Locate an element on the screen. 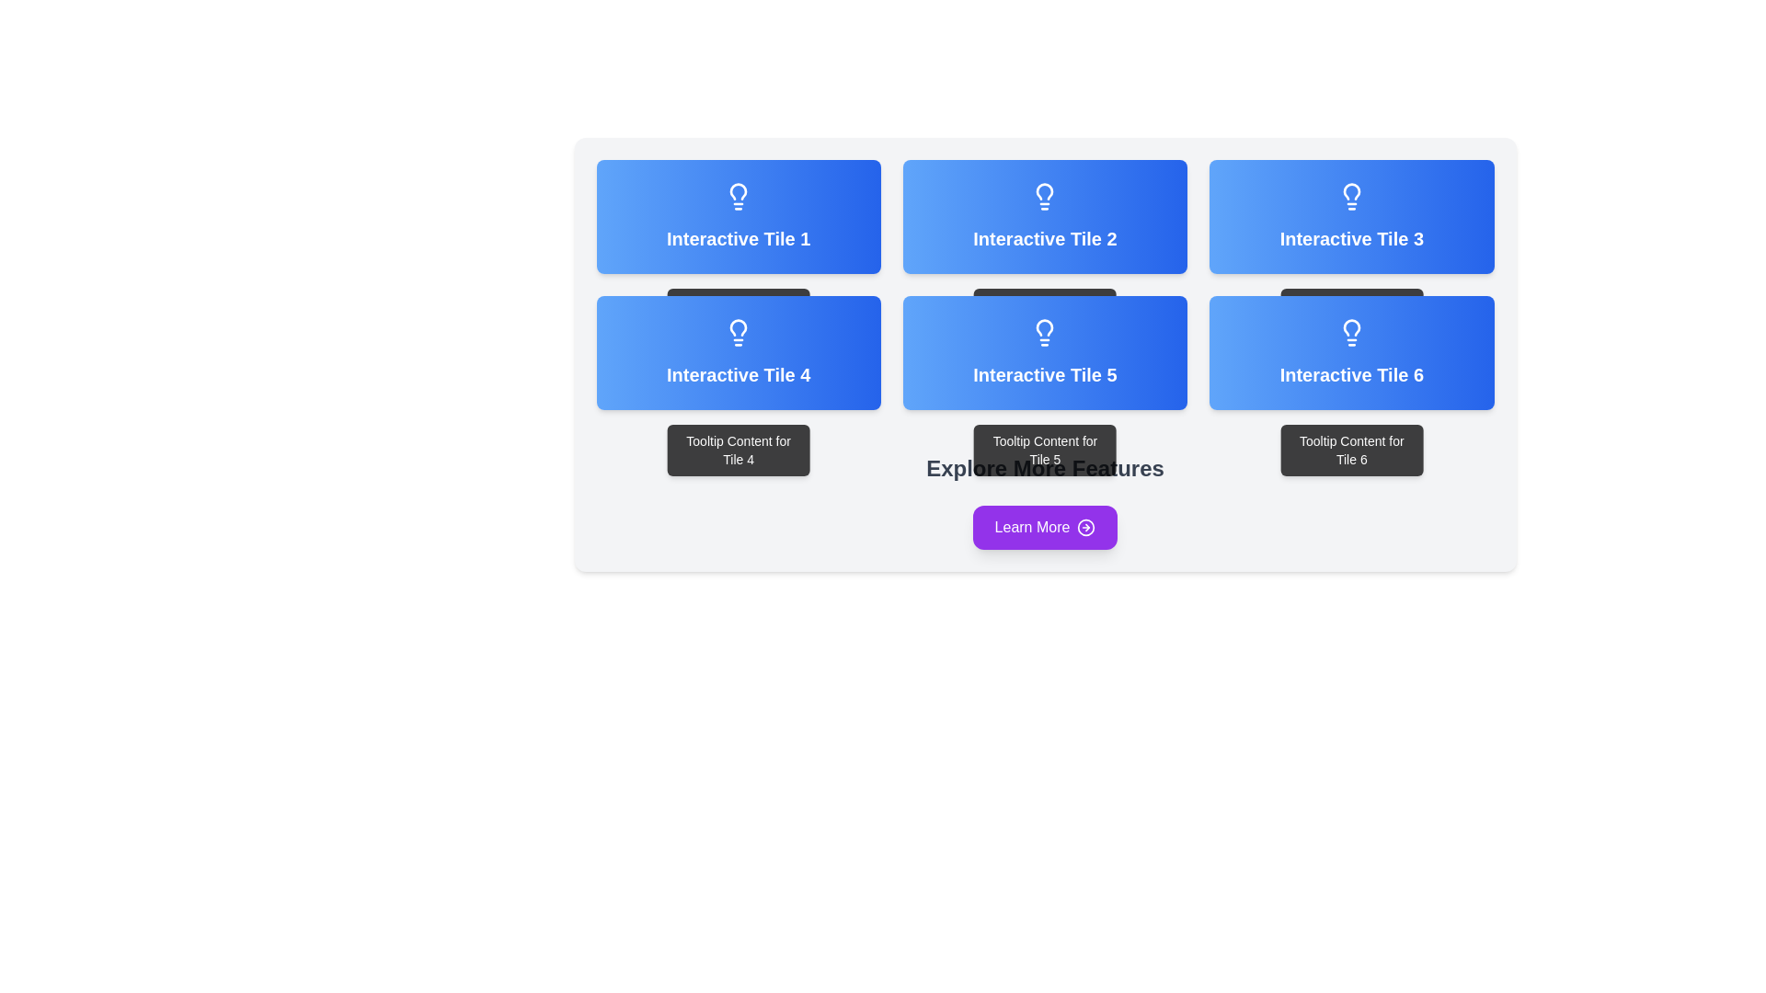 This screenshot has height=993, width=1766. the 'Learn More' button icon located to the right of the button's text, which indicates further exploration or navigation is located at coordinates (1086, 528).